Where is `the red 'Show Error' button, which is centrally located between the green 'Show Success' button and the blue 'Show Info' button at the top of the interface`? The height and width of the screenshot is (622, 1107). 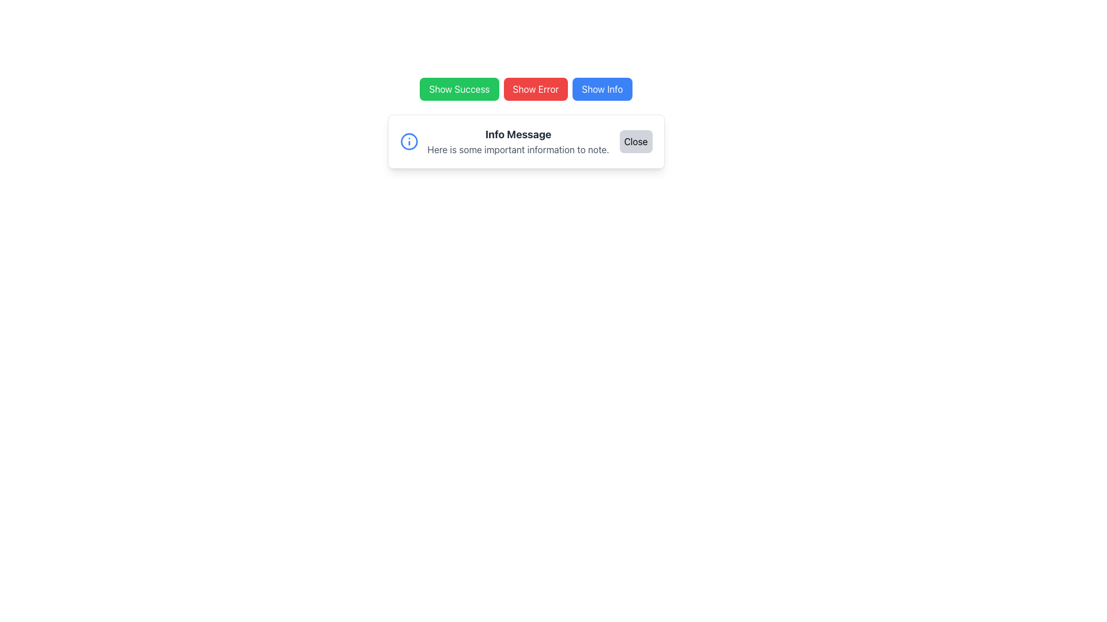 the red 'Show Error' button, which is centrally located between the green 'Show Success' button and the blue 'Show Info' button at the top of the interface is located at coordinates (535, 88).